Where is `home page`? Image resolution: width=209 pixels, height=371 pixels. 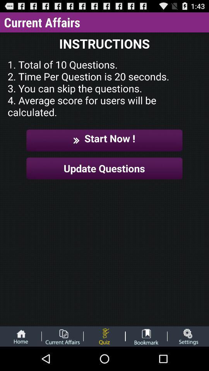
home page is located at coordinates (21, 336).